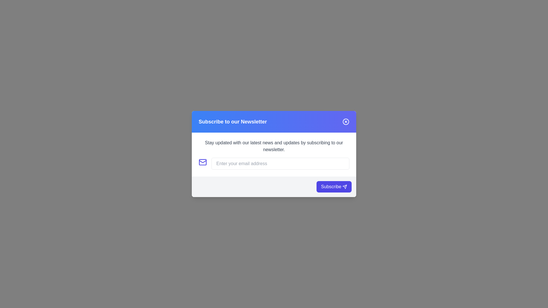 The width and height of the screenshot is (548, 308). What do you see at coordinates (334, 187) in the screenshot?
I see `'Subscribe' button to submit the subscription` at bounding box center [334, 187].